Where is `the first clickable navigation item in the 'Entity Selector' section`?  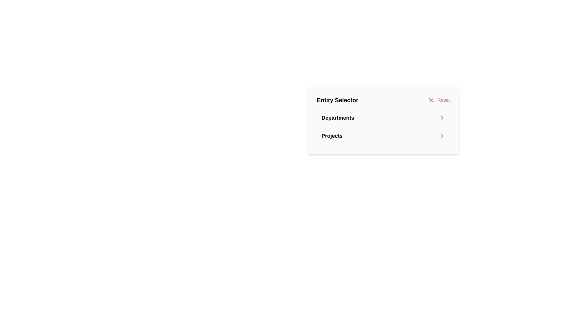 the first clickable navigation item in the 'Entity Selector' section is located at coordinates (383, 118).